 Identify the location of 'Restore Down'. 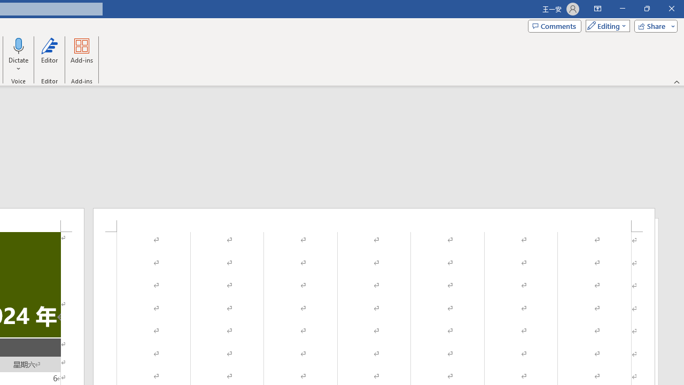
(646, 9).